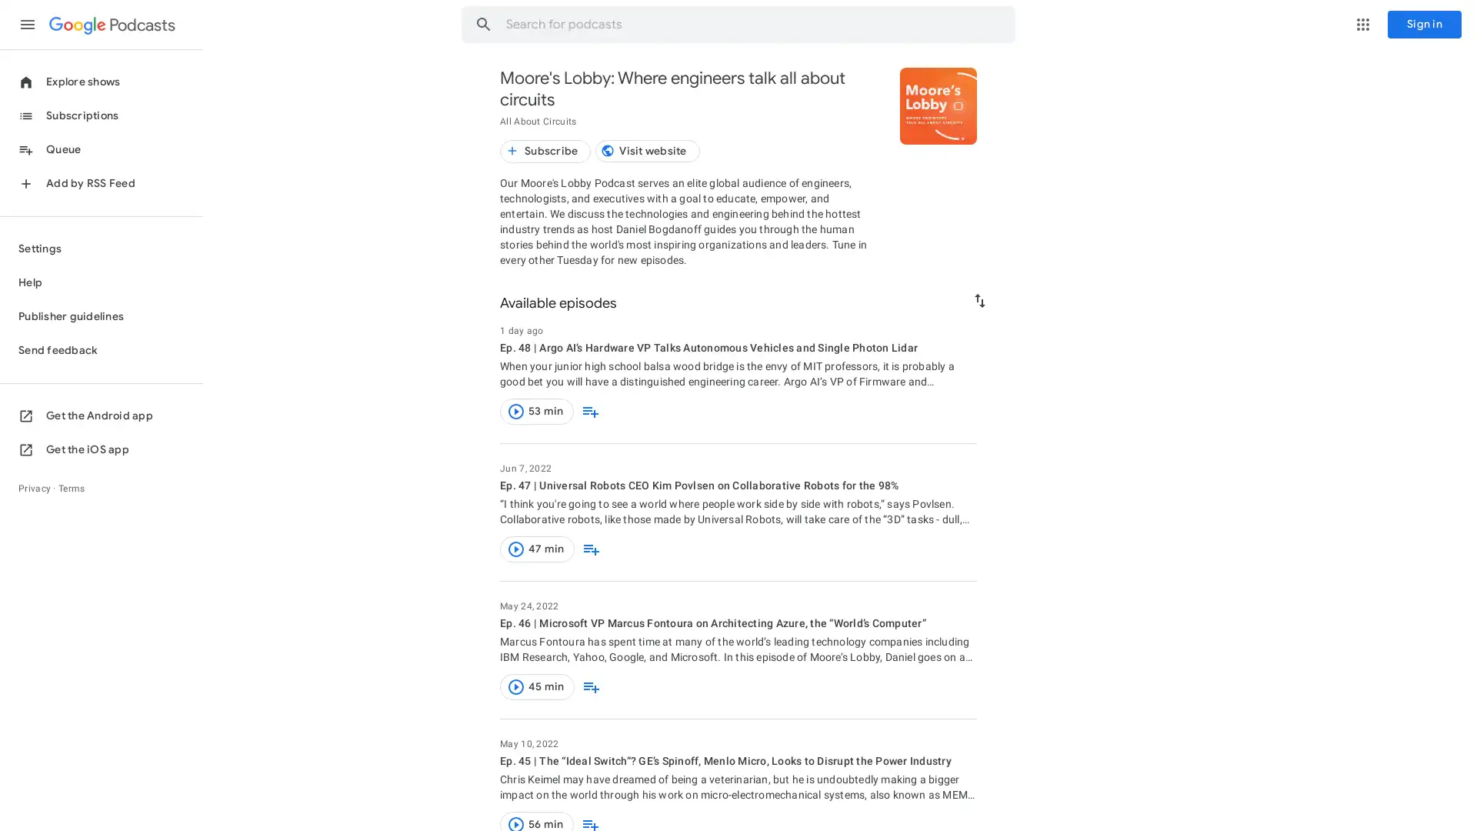 This screenshot has height=831, width=1477. I want to click on Add to queue, so click(589, 411).